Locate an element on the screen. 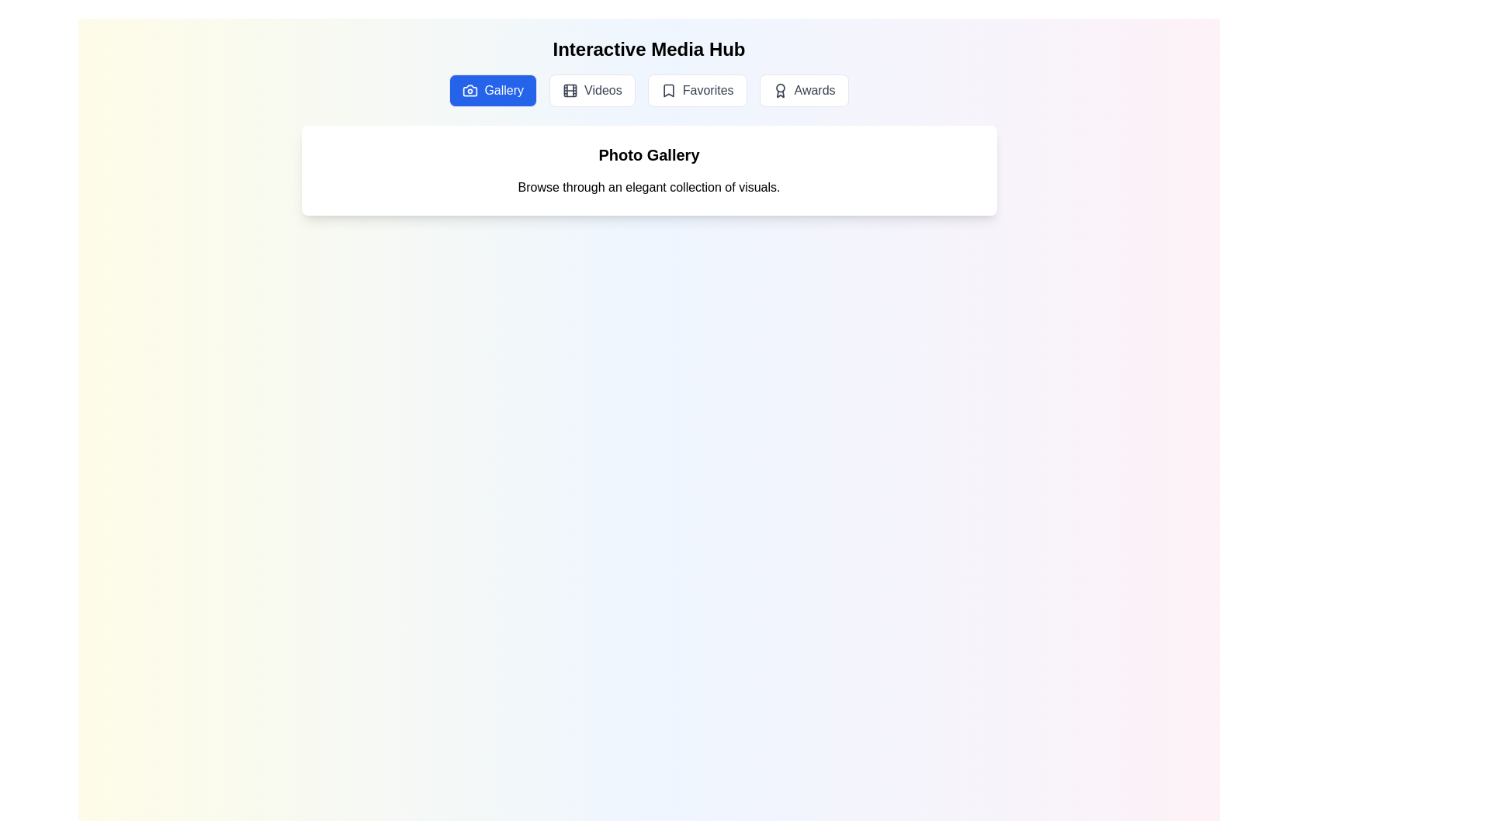 Image resolution: width=1490 pixels, height=838 pixels. text of the label/title located in the header section, positioned between the 'Videos' button and the 'Awards' button, which serves as a navigation control for favorites is located at coordinates (707, 90).